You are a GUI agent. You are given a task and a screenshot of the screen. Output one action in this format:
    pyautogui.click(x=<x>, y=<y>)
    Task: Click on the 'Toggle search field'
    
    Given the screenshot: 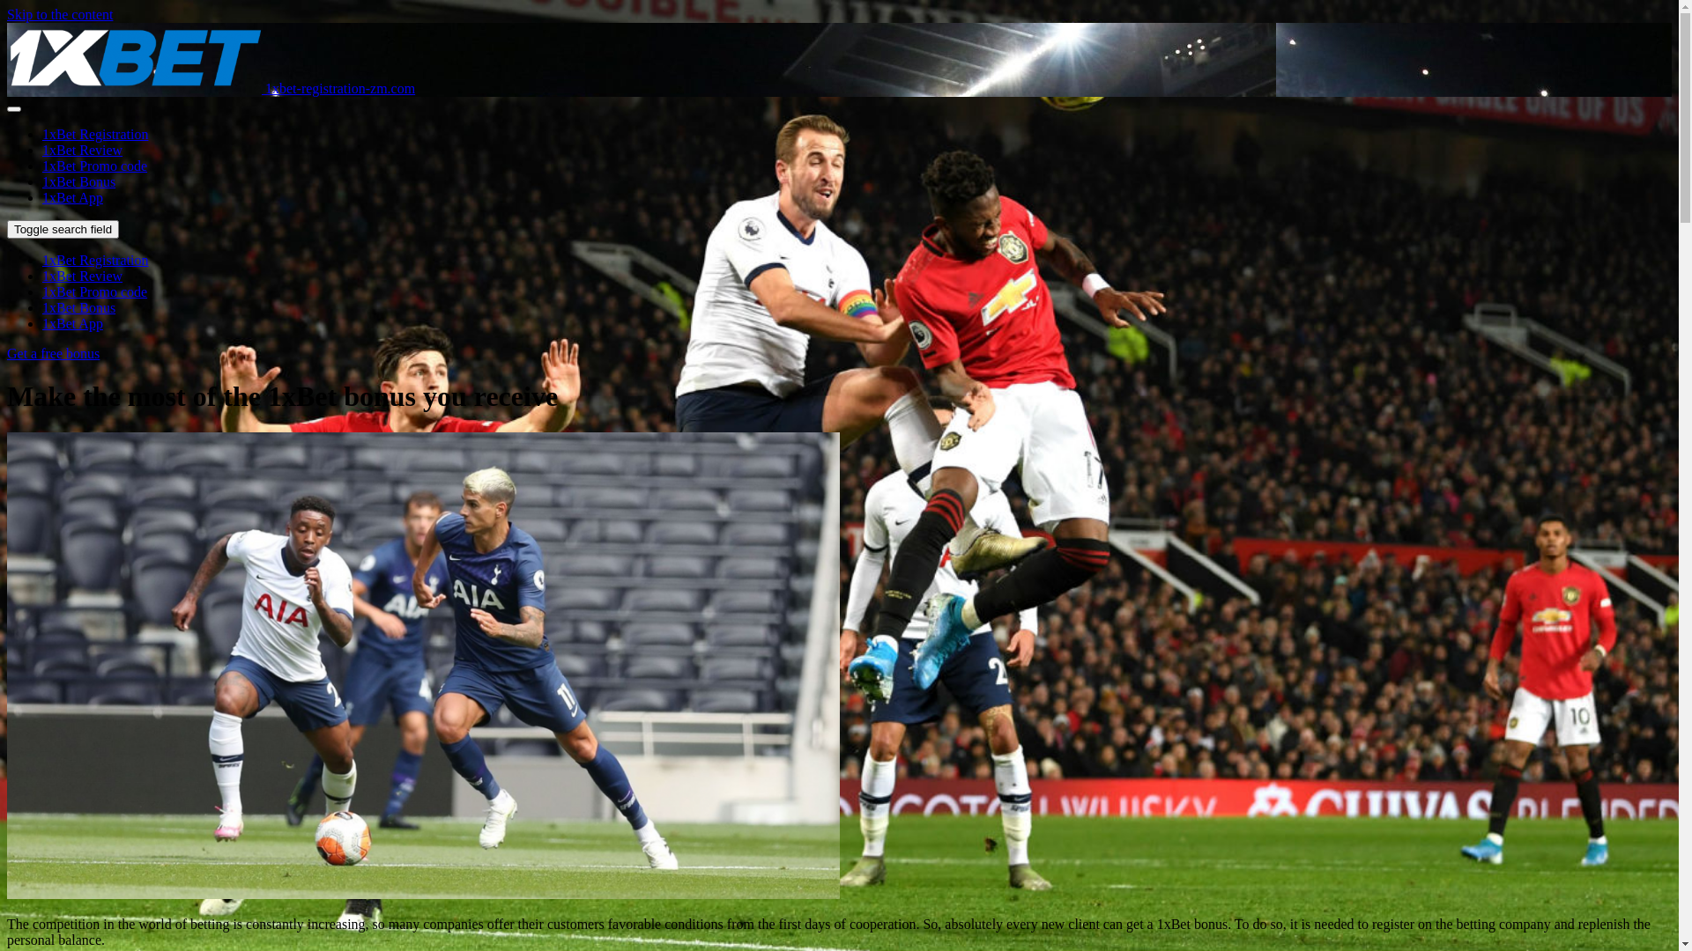 What is the action you would take?
    pyautogui.click(x=63, y=228)
    